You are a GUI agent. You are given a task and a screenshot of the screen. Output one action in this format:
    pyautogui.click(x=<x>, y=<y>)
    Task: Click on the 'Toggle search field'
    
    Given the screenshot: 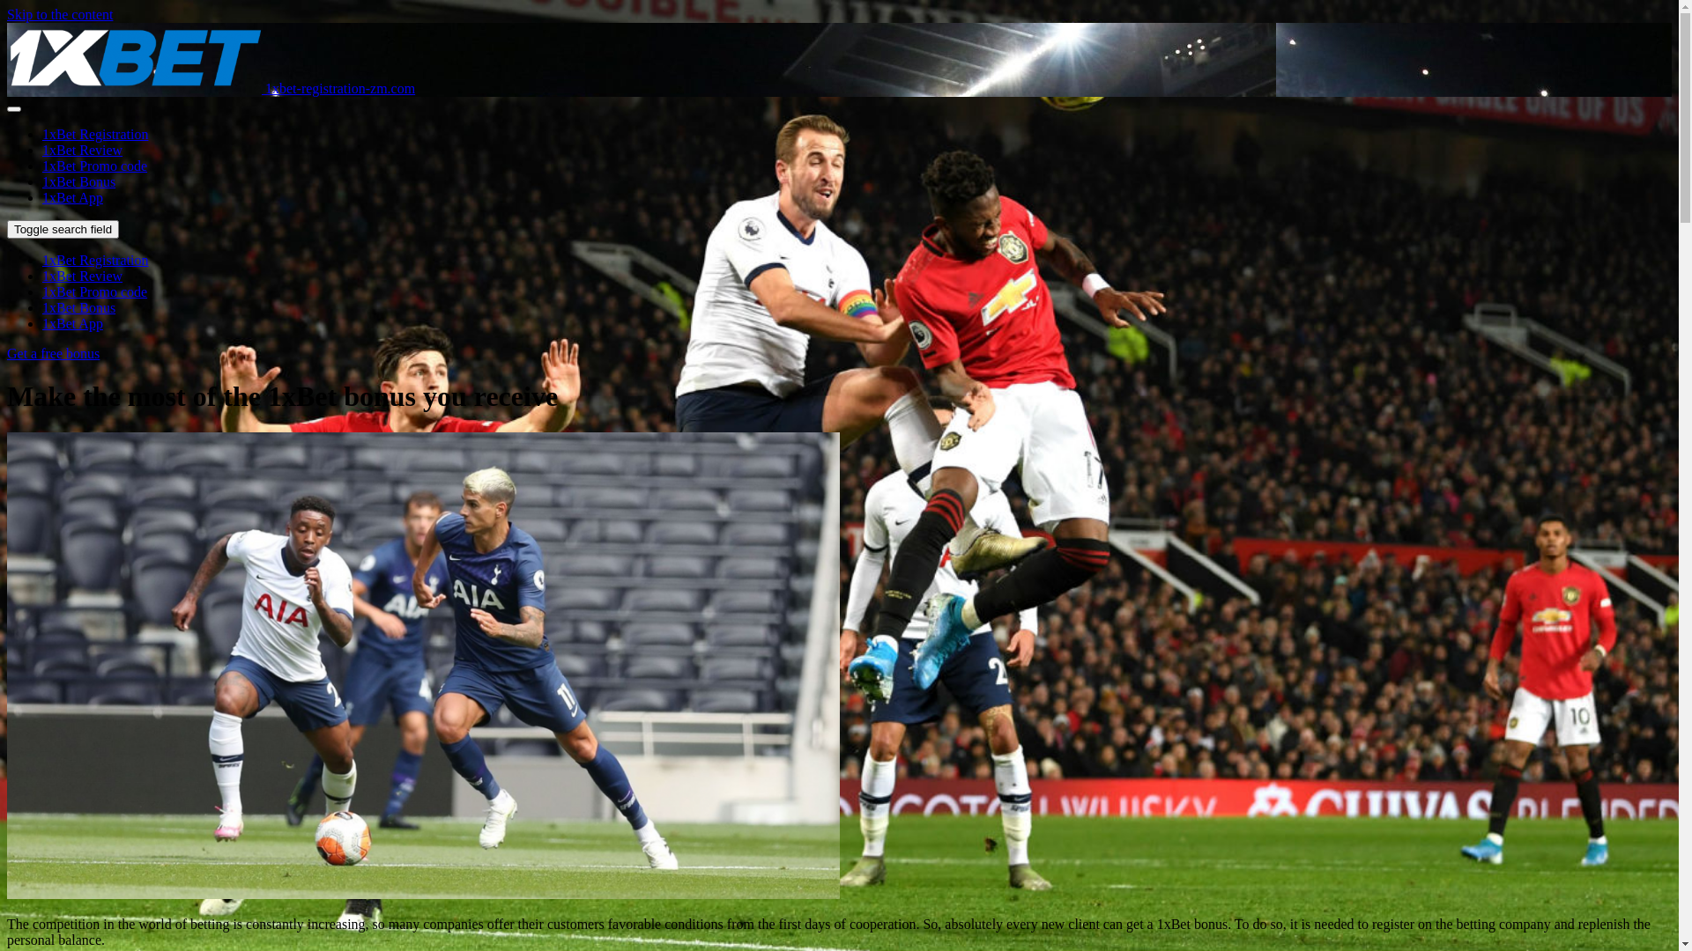 What is the action you would take?
    pyautogui.click(x=63, y=228)
    